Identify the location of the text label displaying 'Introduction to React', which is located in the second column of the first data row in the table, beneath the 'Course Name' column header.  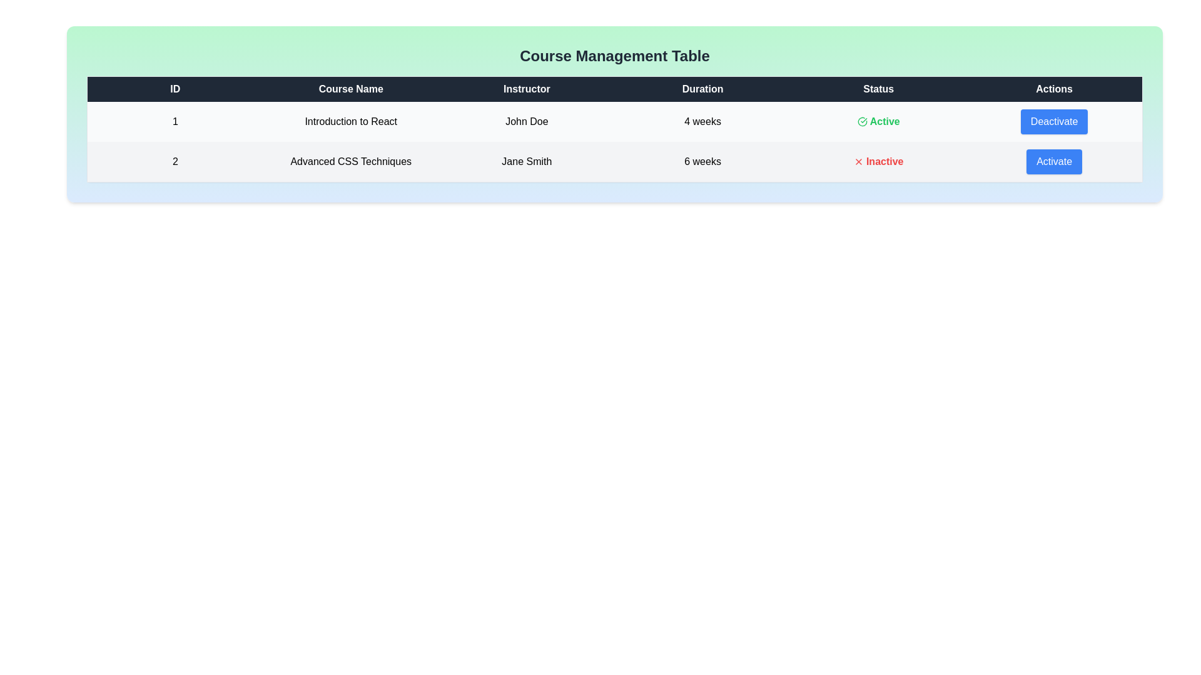
(350, 122).